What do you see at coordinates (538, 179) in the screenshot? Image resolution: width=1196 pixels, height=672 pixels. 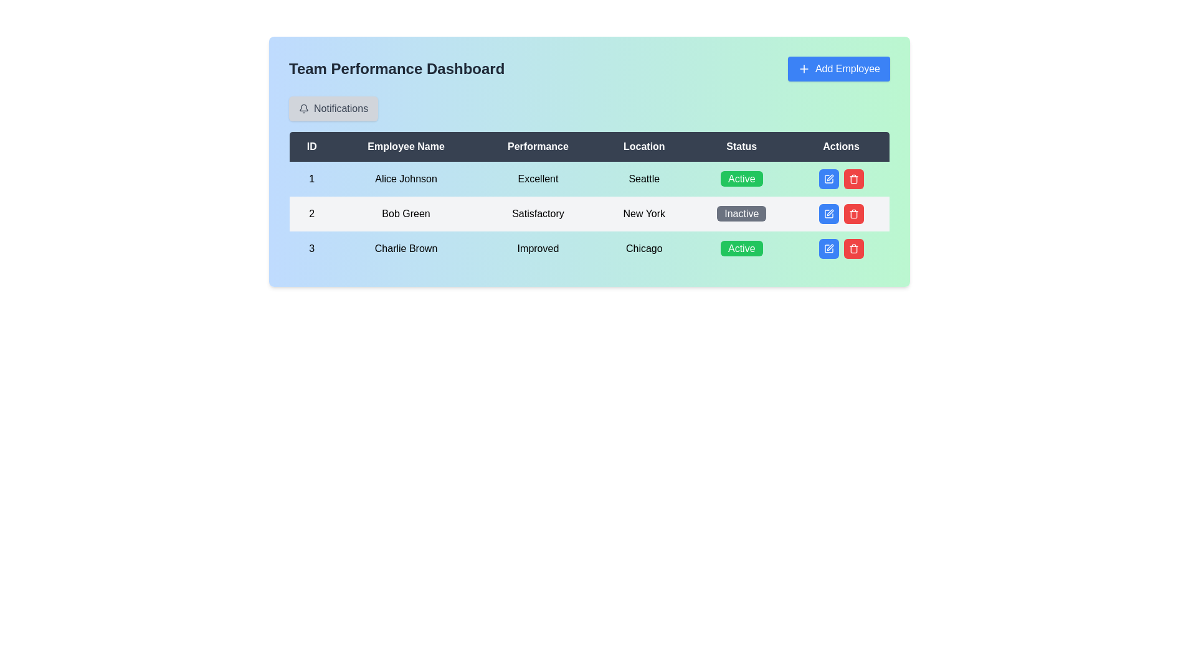 I see `the 'Excellent' performance rating text label in the third column of the first row of the table under the header 'Performance'` at bounding box center [538, 179].